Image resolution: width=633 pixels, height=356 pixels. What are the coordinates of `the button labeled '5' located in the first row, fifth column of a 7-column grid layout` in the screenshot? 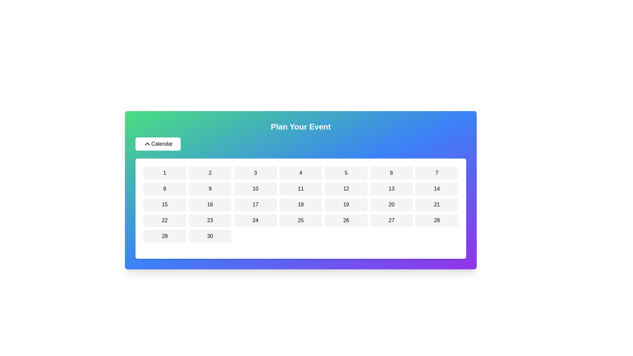 It's located at (346, 172).